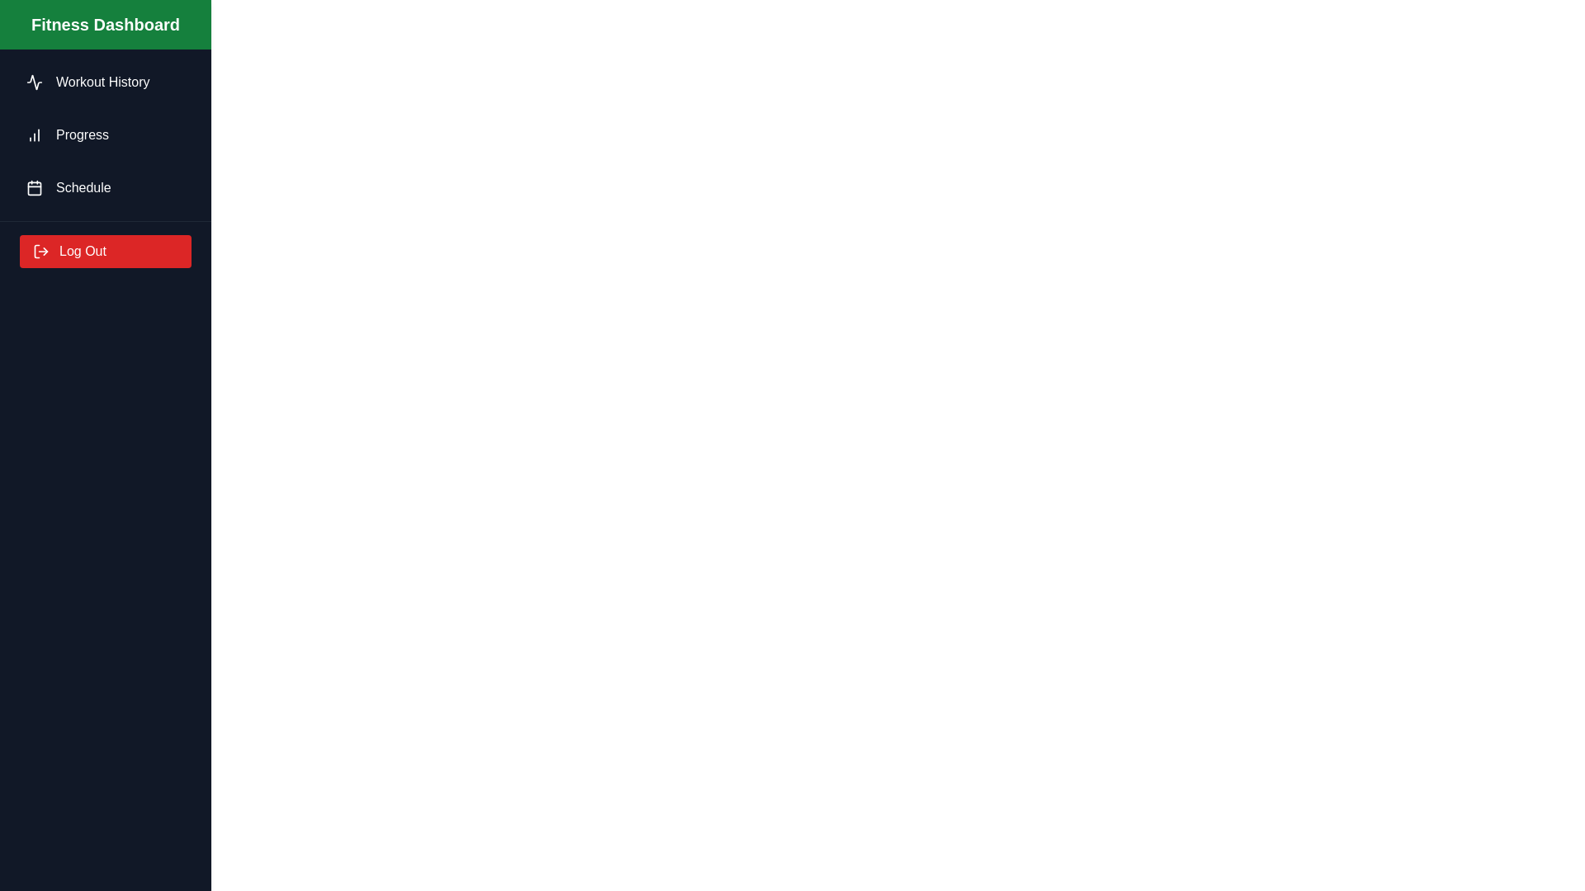 This screenshot has height=891, width=1585. Describe the element at coordinates (105, 25) in the screenshot. I see `the 'Fitness Dashboard' text display, which is styled in a larger bold font and rendered in white on a green background, located at the top of the left-hand navigation panel` at that location.